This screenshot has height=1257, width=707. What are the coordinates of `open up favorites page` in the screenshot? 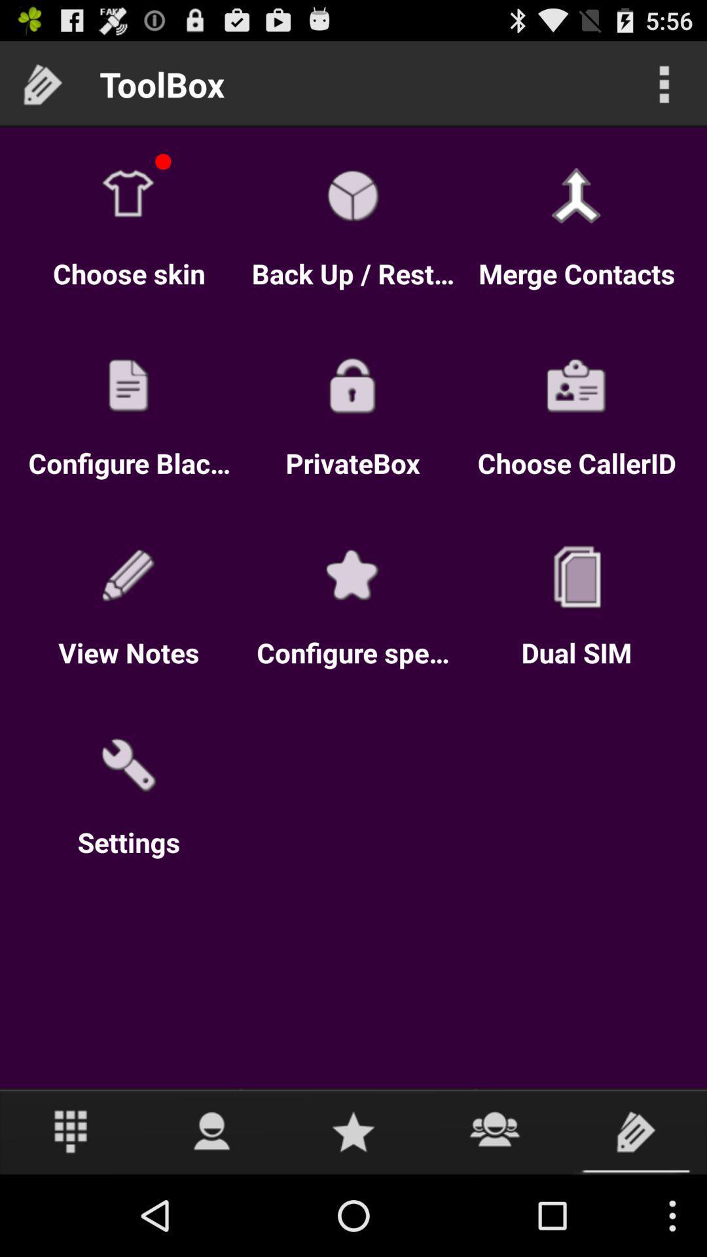 It's located at (353, 1131).